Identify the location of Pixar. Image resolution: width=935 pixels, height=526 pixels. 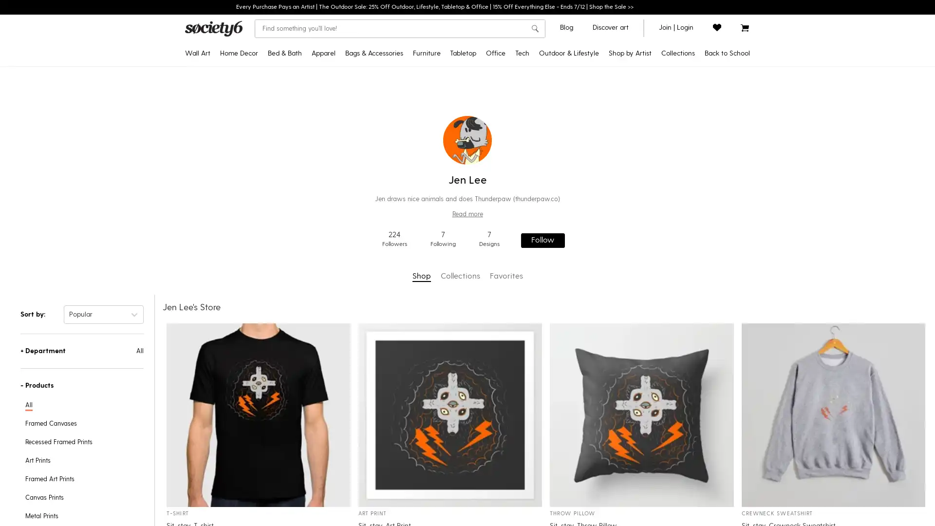
(603, 109).